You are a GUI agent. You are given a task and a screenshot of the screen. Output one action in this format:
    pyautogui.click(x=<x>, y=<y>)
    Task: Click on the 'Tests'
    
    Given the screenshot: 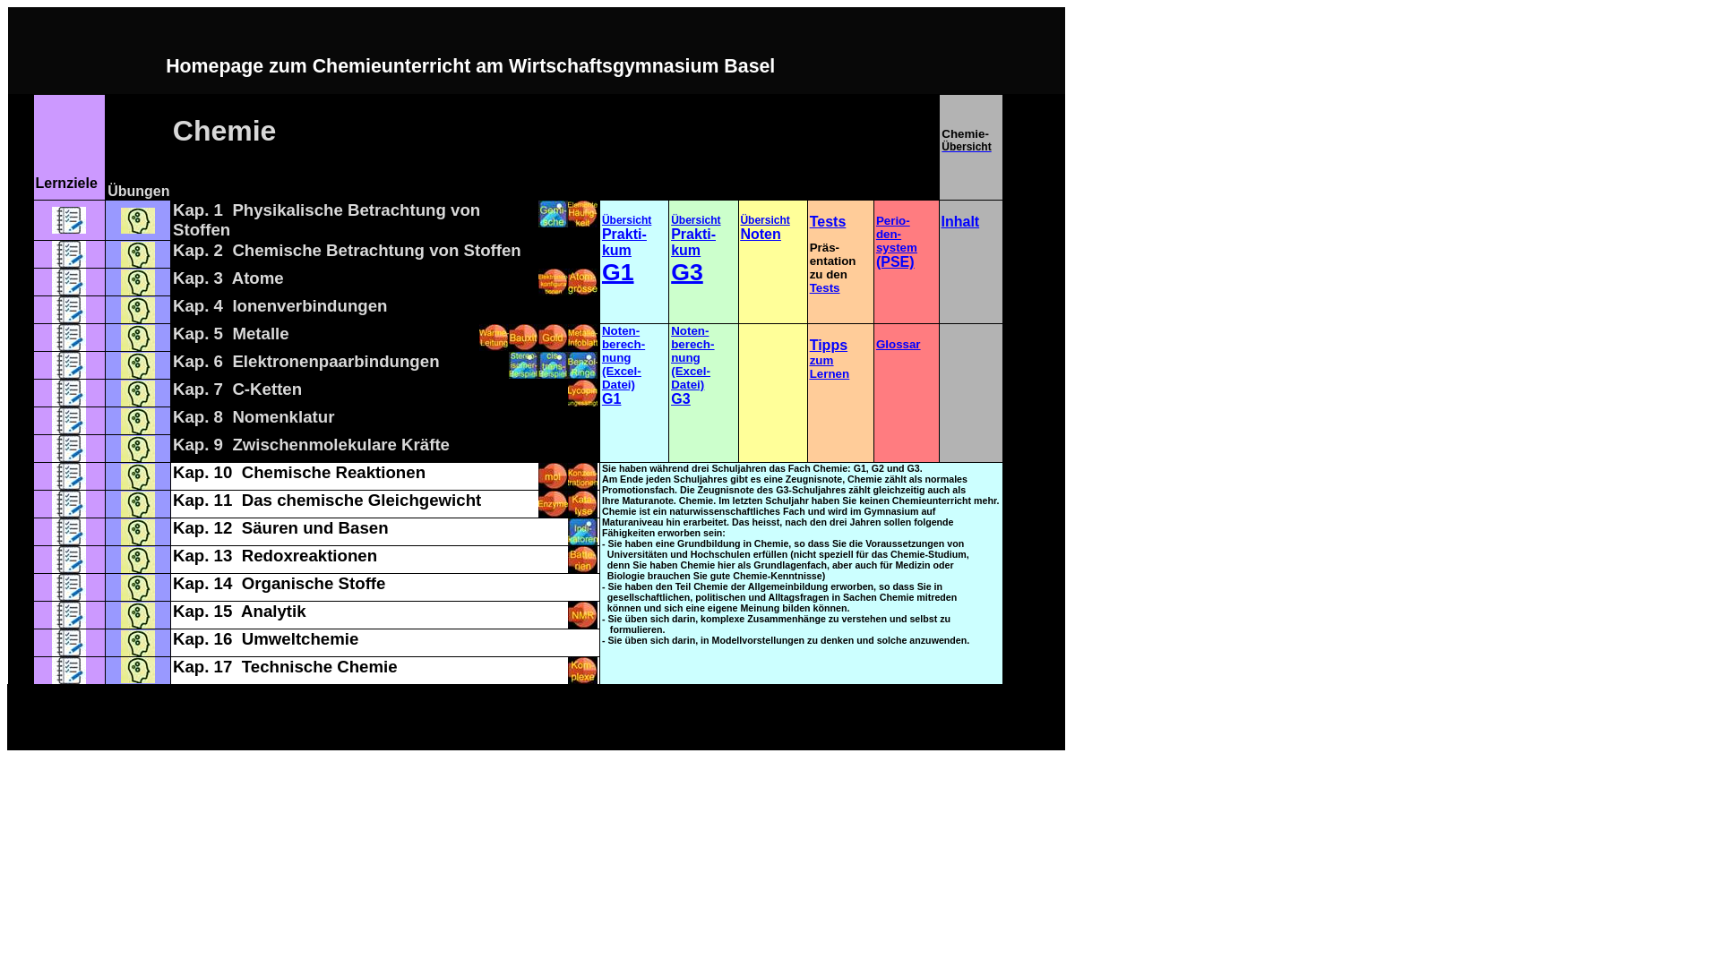 What is the action you would take?
    pyautogui.click(x=827, y=220)
    